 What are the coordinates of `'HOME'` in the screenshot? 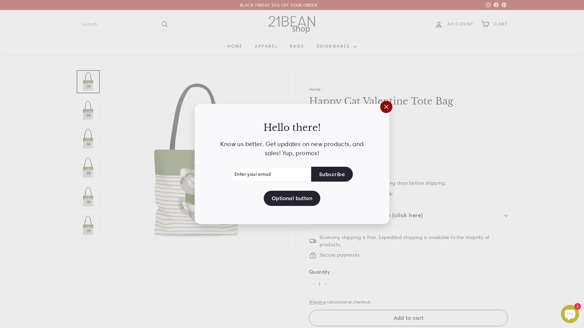 It's located at (235, 46).